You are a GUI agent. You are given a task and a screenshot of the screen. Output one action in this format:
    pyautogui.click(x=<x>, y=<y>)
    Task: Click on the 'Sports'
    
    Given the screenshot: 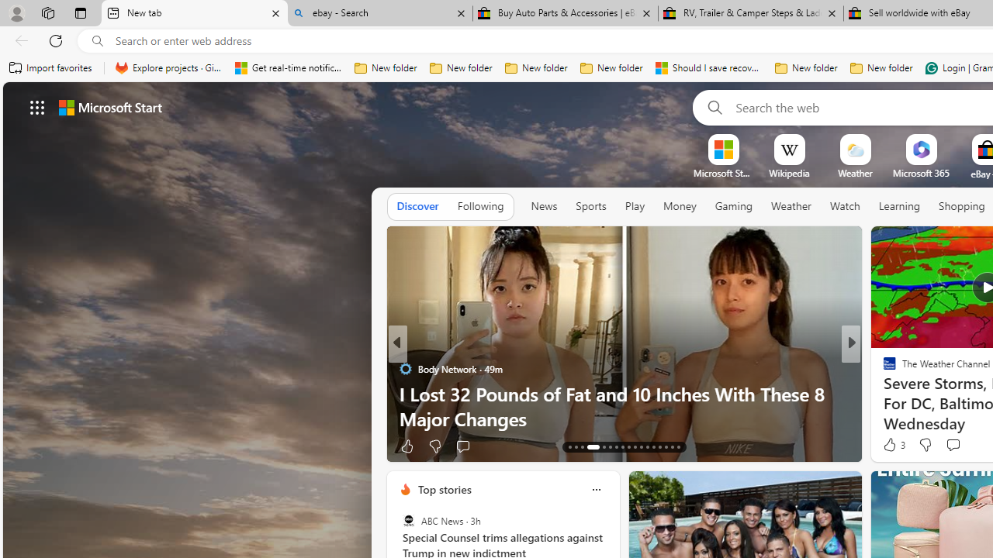 What is the action you would take?
    pyautogui.click(x=590, y=206)
    